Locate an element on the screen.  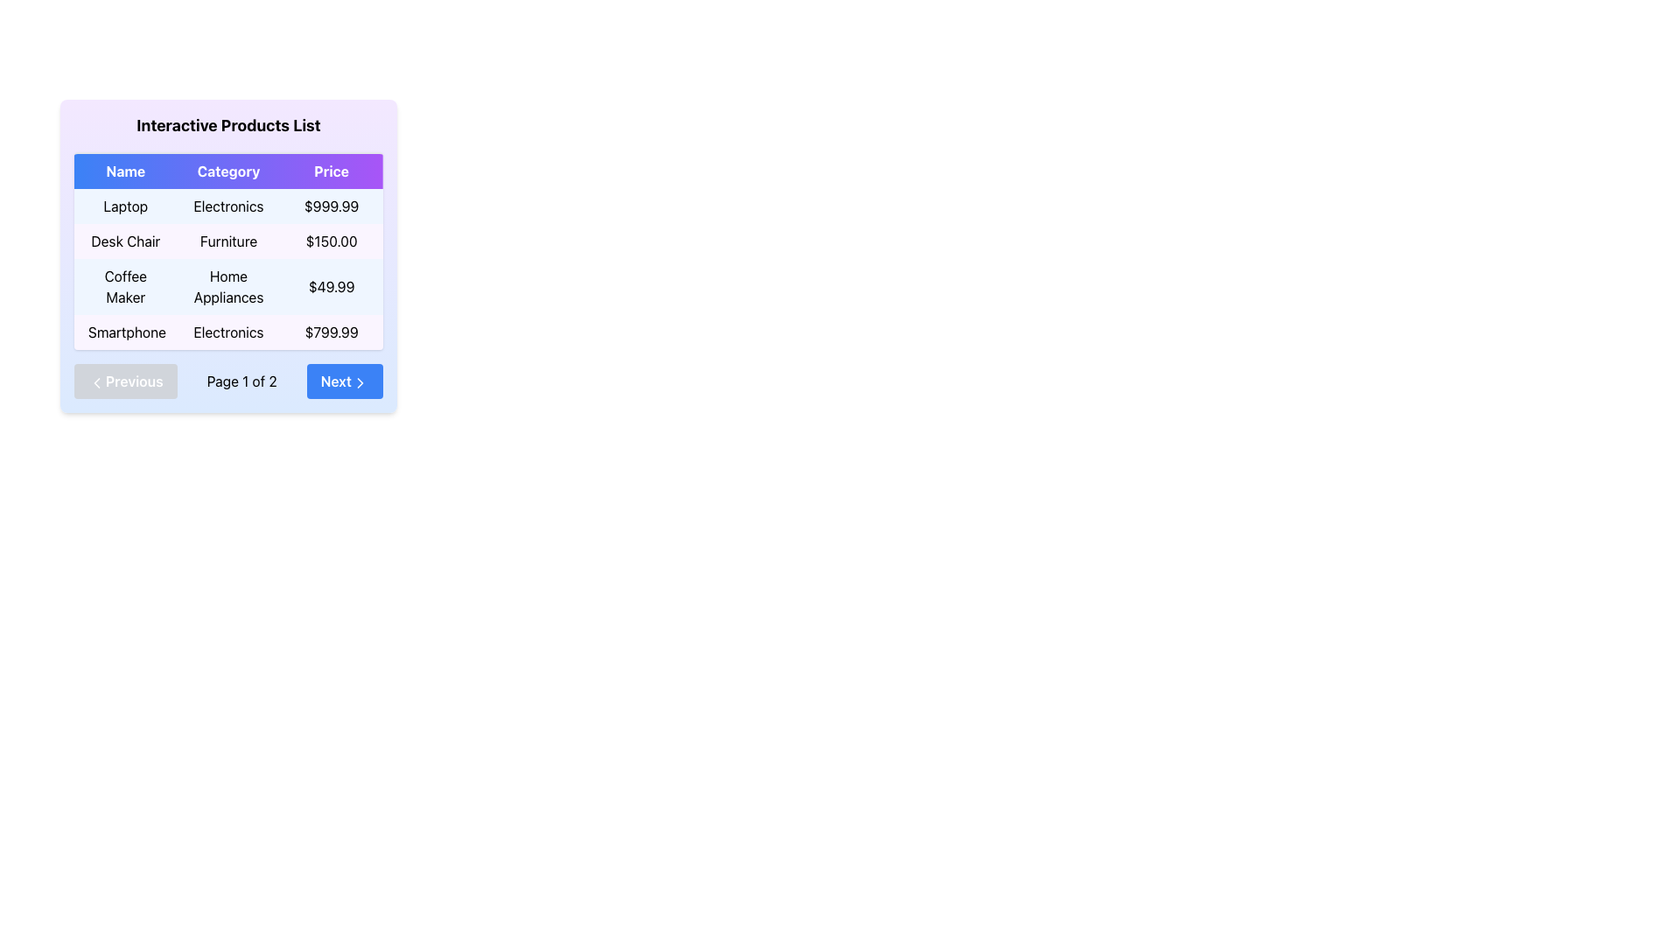
the Text label indicating the category for the 'Smartphone' product, located in the second column of the fourth row of the table is located at coordinates (227, 332).